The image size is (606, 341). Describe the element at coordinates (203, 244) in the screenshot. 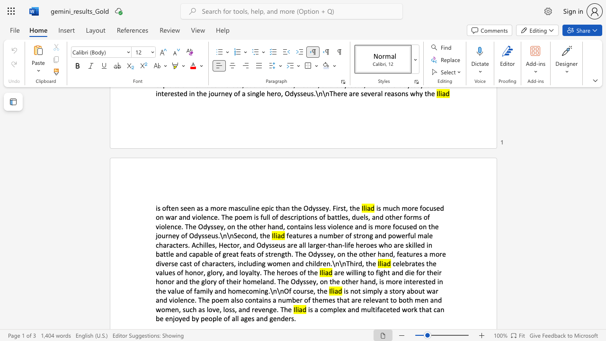

I see `the subset text "illes, Hector, and Odysseus are all larger-than-life heroes who are skilled in battle and capable of great feats of strength. The Odyssey, on the other hand, features a more diverse ca" within the text "features a number of strong and powerful male characters. Achilles, Hector, and Odysseus are all larger-than-life heroes who are skilled in battle and capable of great feats of strength. The Odyssey, on the other hand, features a more diverse cast of characters, including women and children.\n\nThird, the"` at that location.